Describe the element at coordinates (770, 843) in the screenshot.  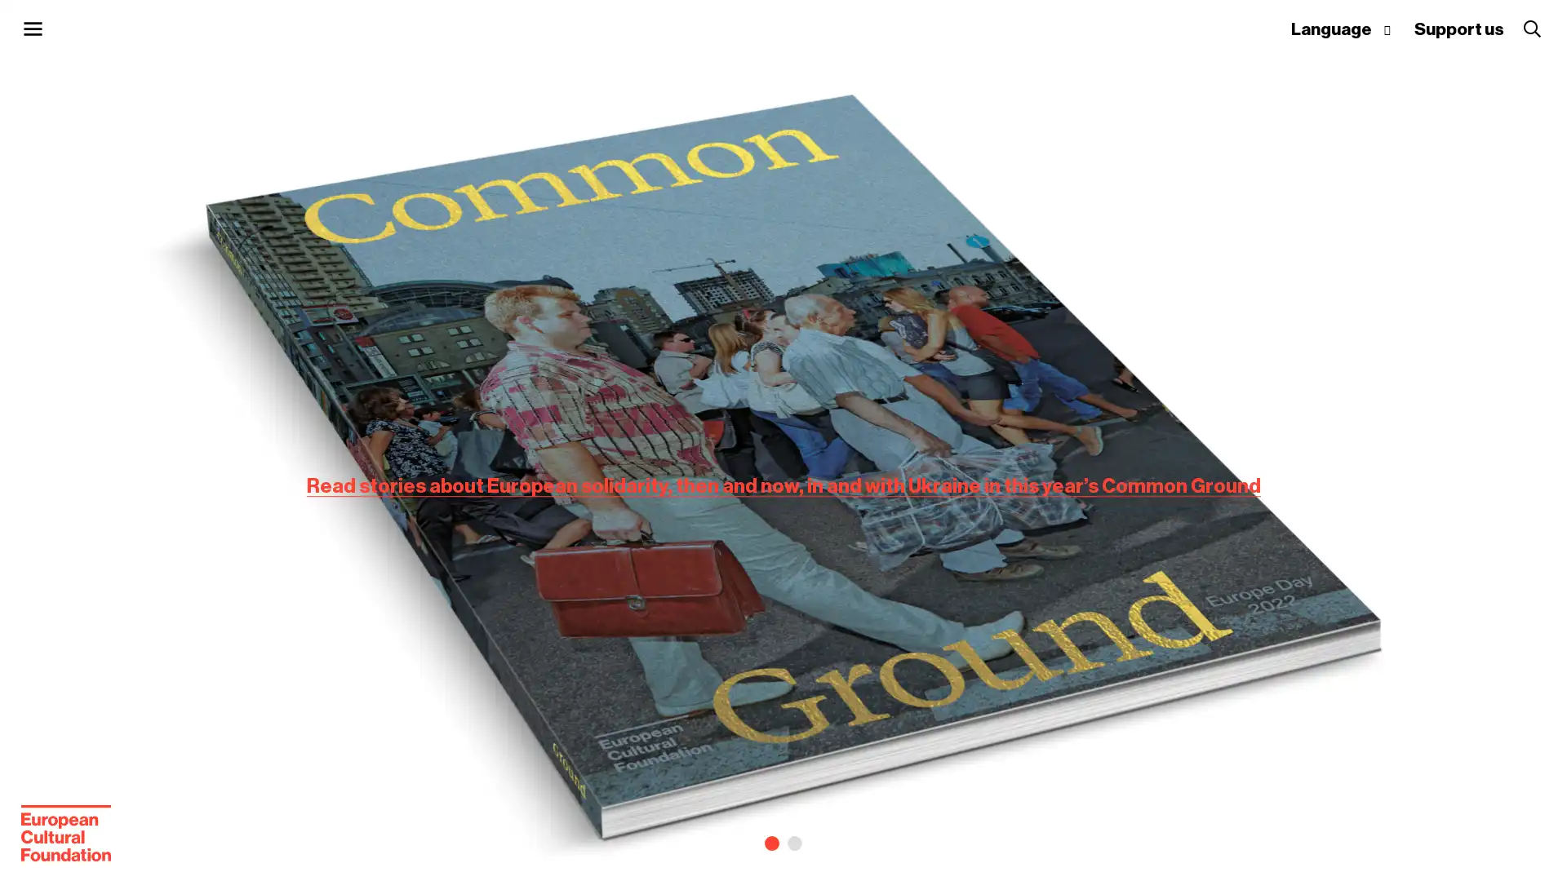
I see `Carousel Page 1 (Current Slide)` at that location.